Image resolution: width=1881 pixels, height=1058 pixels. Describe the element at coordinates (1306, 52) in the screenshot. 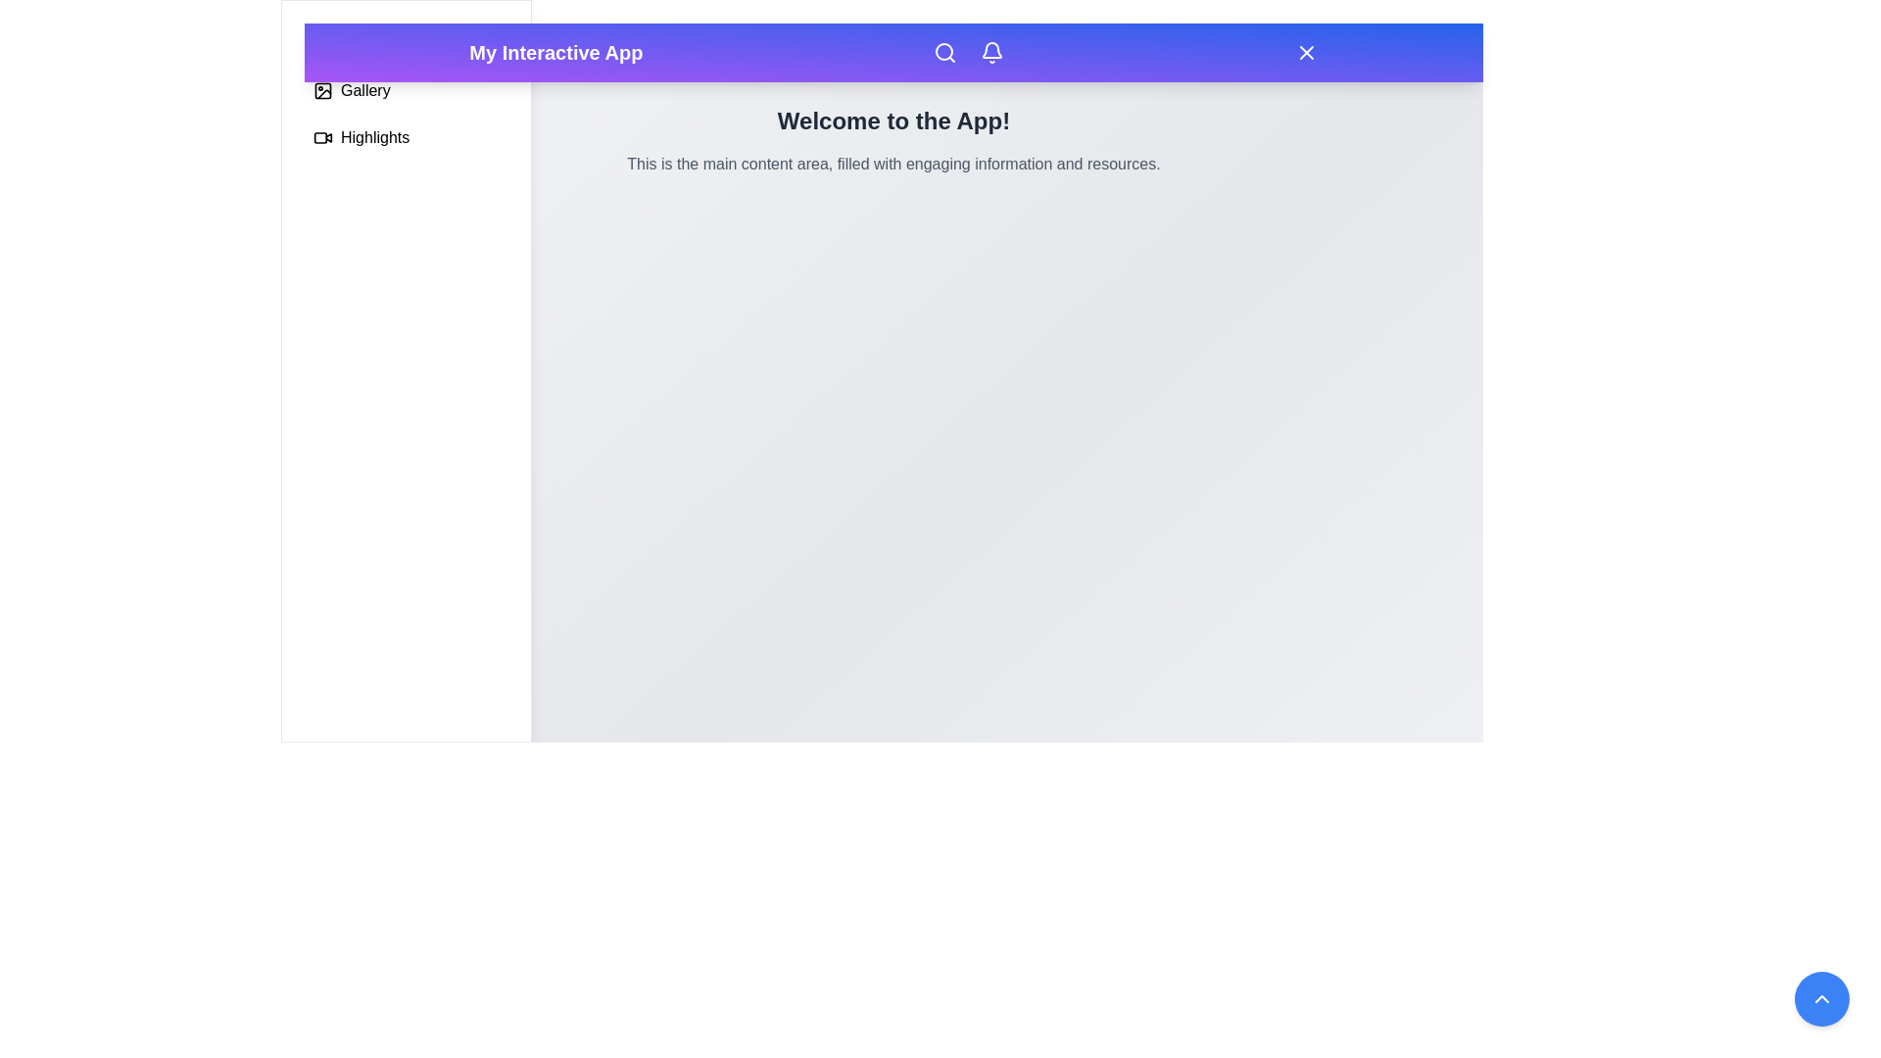

I see `the white 'X' icon located in the blue-purple gradient header bar at the top right to potentially see a tooltip` at that location.